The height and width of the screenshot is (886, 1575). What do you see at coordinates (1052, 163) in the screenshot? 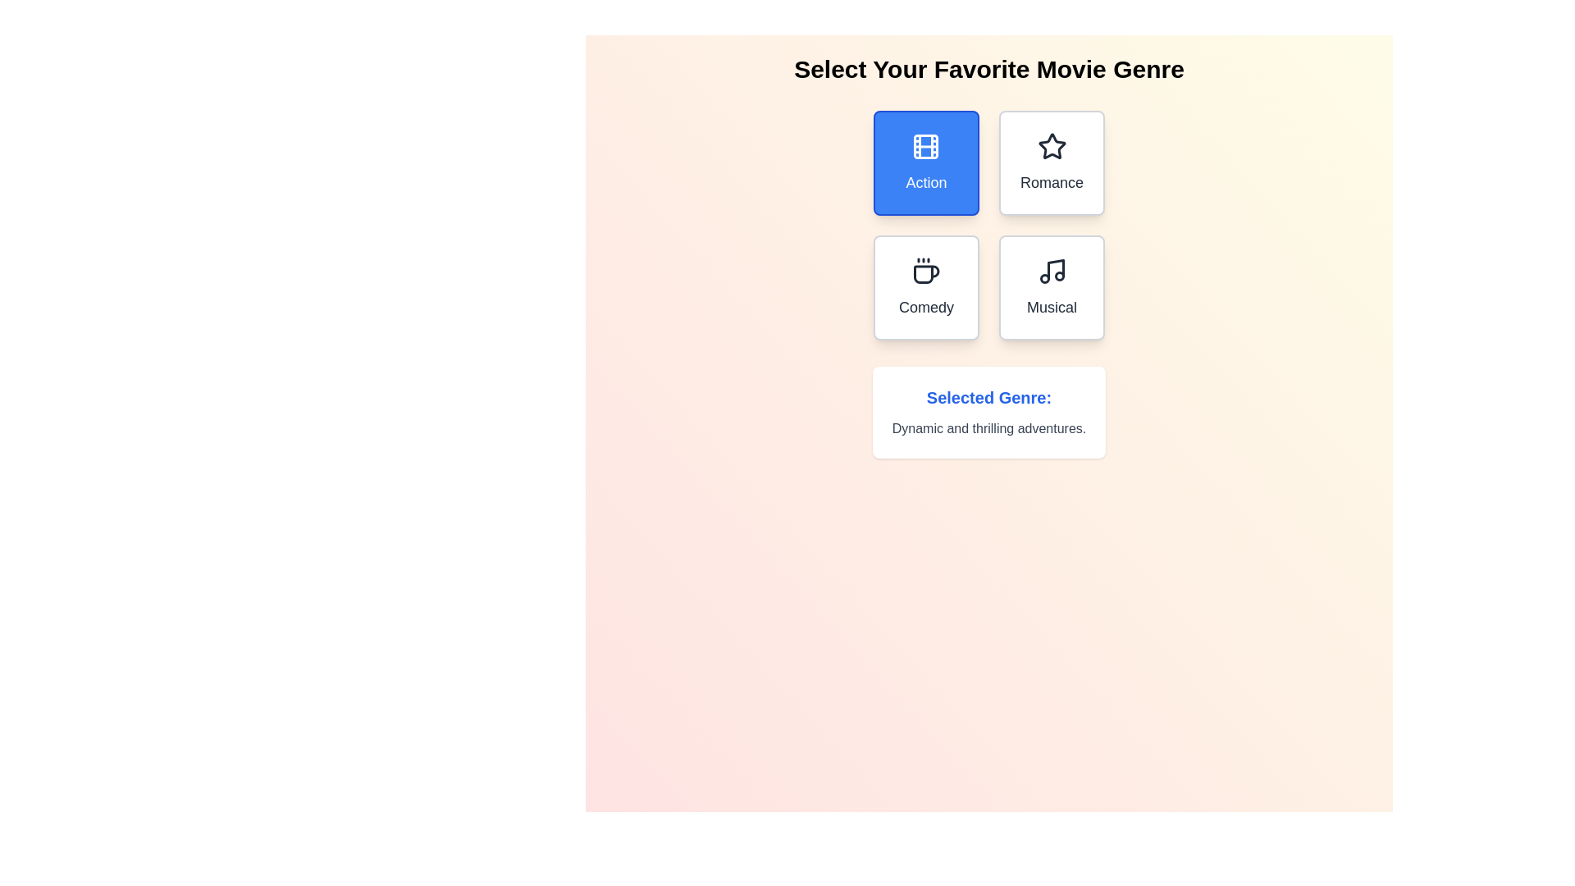
I see `the button corresponding to the genre Romance to select it` at bounding box center [1052, 163].